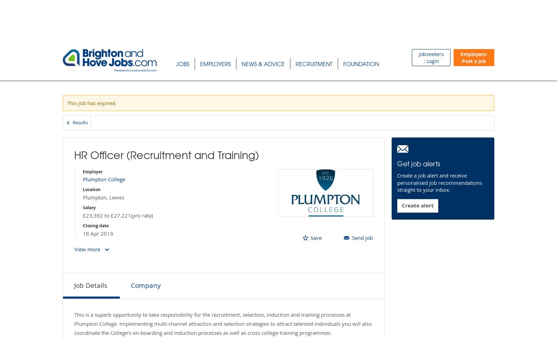 The height and width of the screenshot is (339, 557). What do you see at coordinates (80, 123) in the screenshot?
I see `'Results'` at bounding box center [80, 123].